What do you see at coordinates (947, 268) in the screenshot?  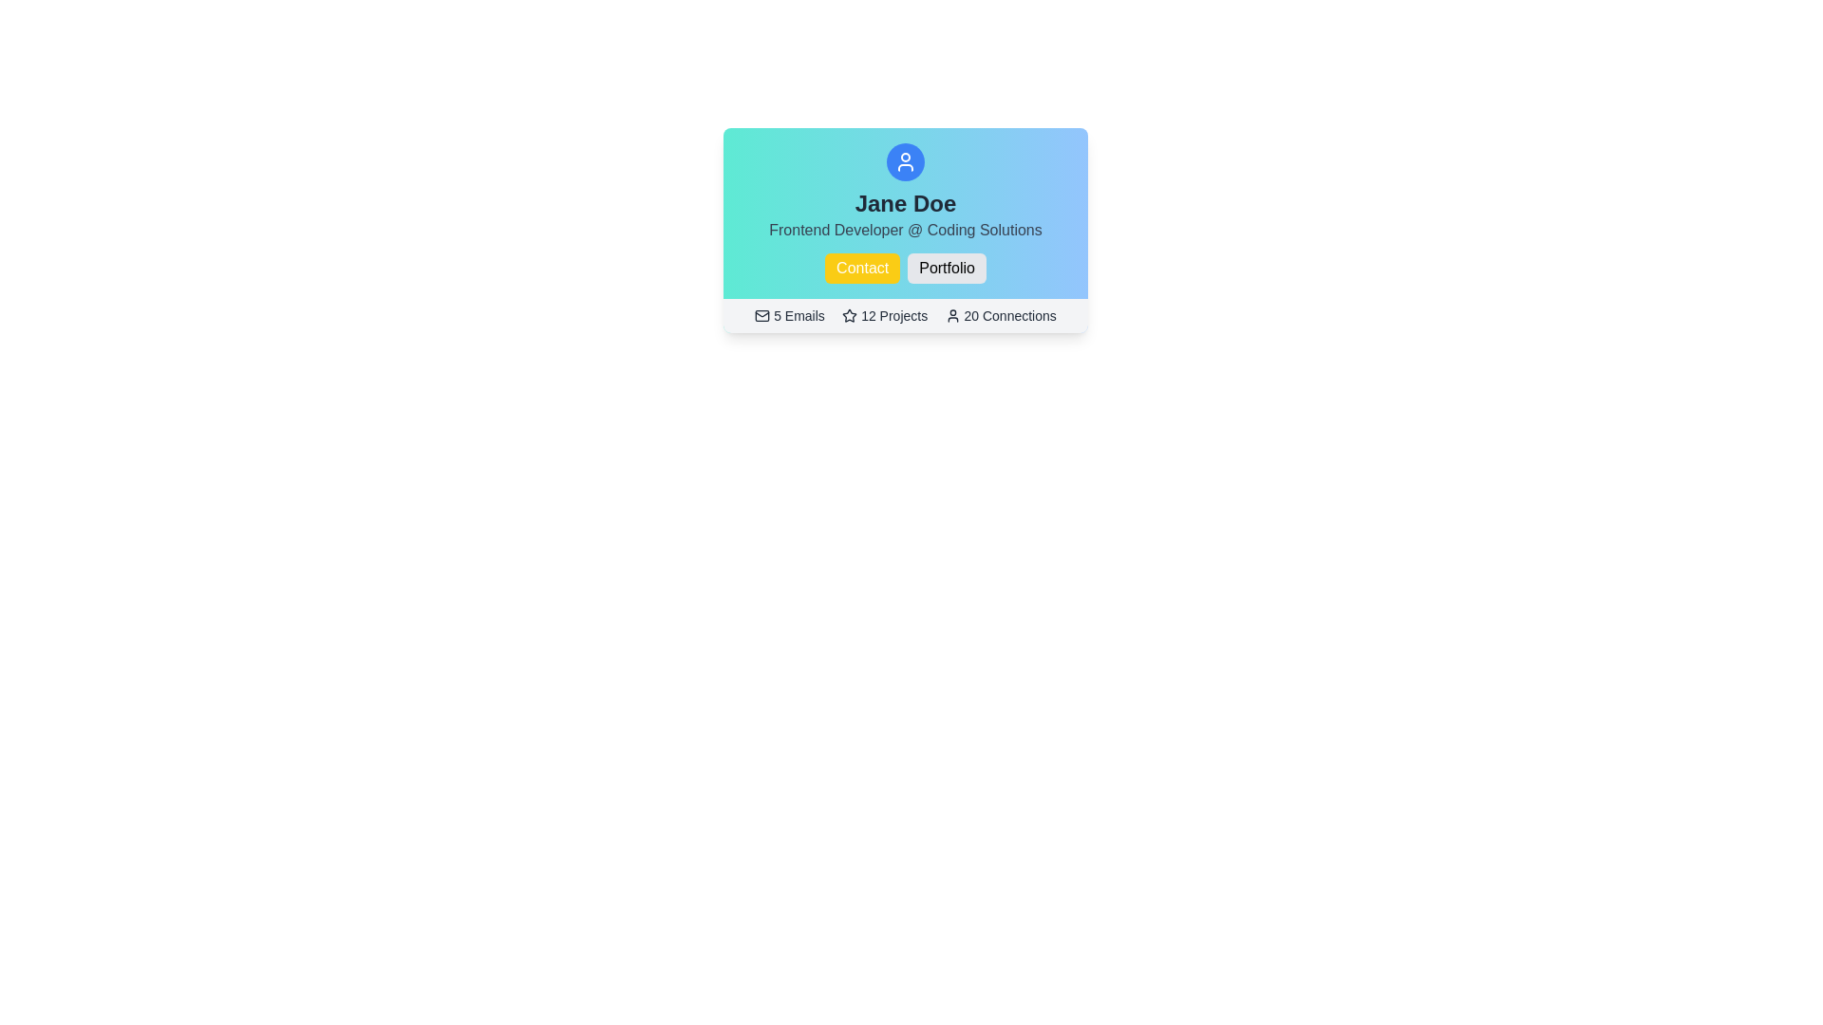 I see `the 'Portfolio' button, which is a rectangular button with a light gray background and rounded corners` at bounding box center [947, 268].